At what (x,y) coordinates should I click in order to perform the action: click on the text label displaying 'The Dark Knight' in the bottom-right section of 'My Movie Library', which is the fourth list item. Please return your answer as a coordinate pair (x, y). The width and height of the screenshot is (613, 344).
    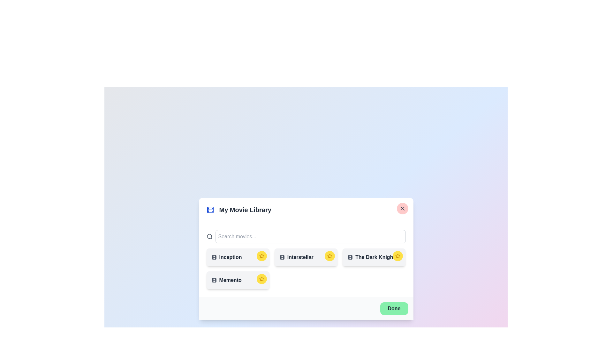
    Looking at the image, I should click on (374, 257).